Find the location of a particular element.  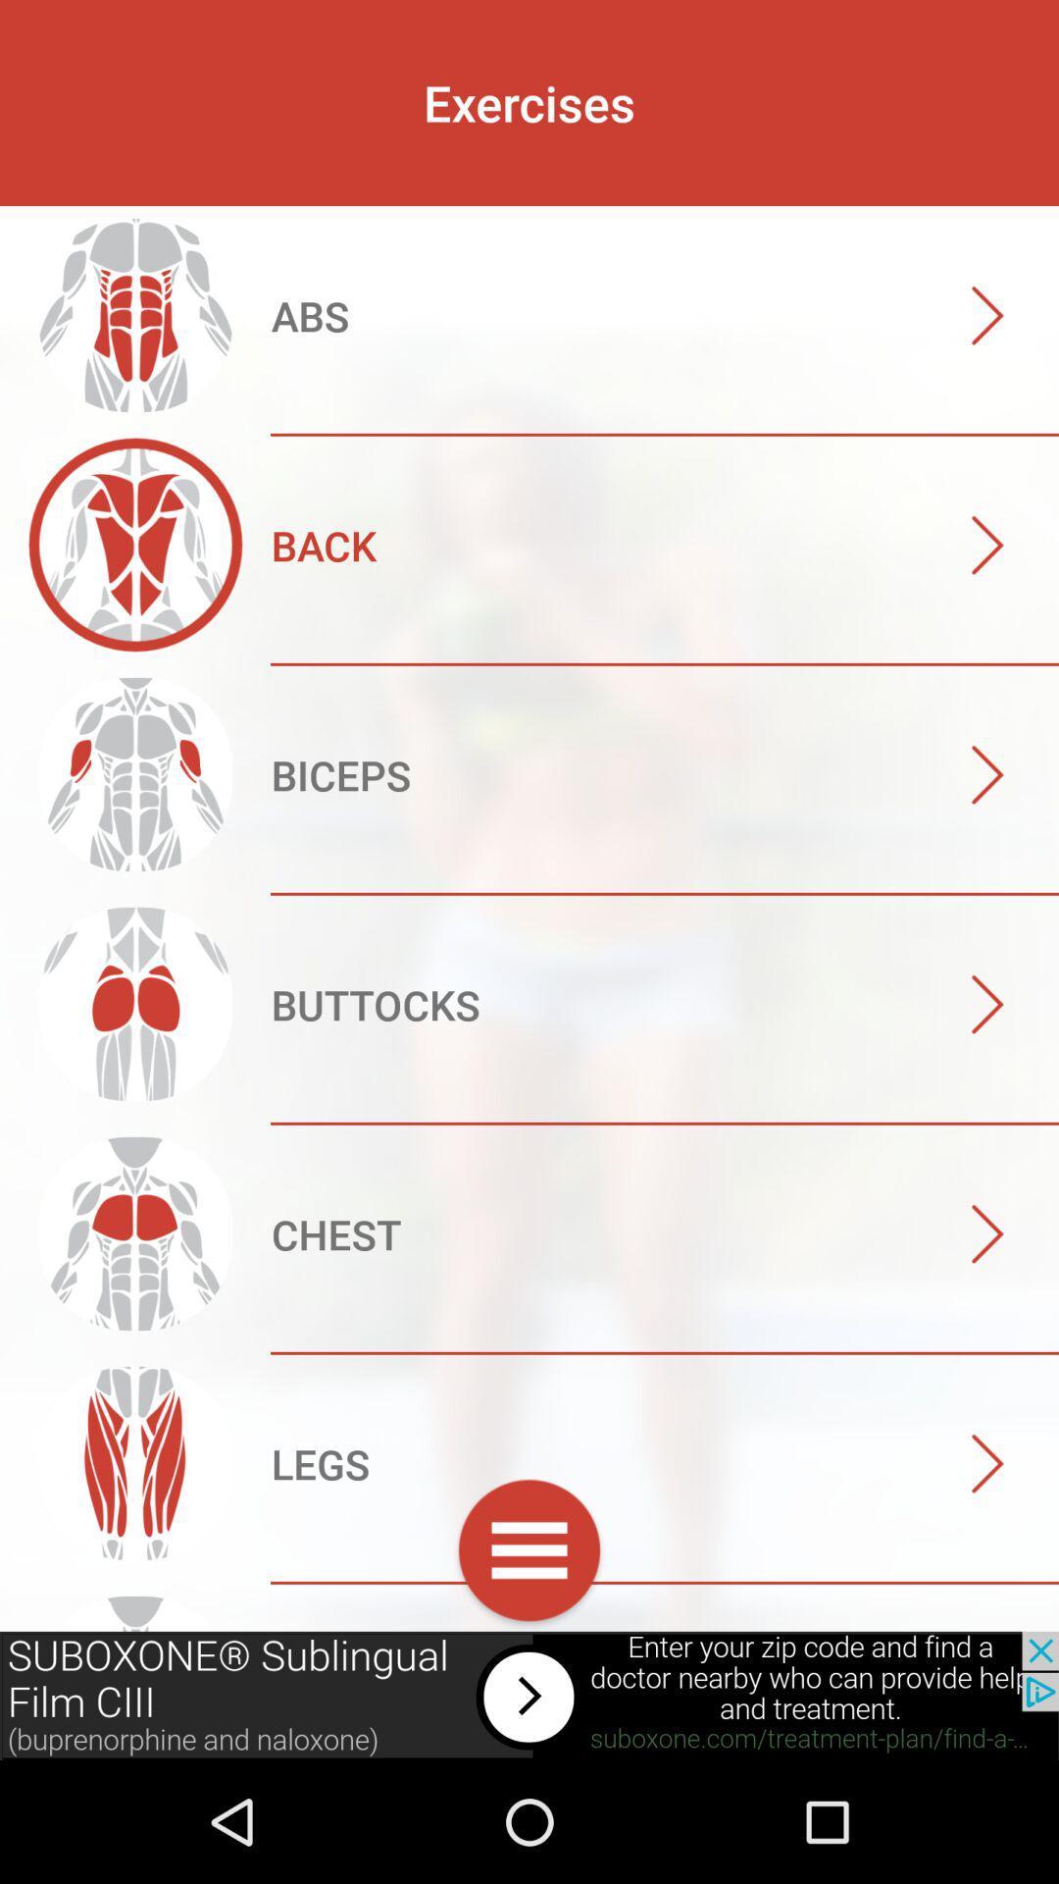

click menu option is located at coordinates (529, 1553).